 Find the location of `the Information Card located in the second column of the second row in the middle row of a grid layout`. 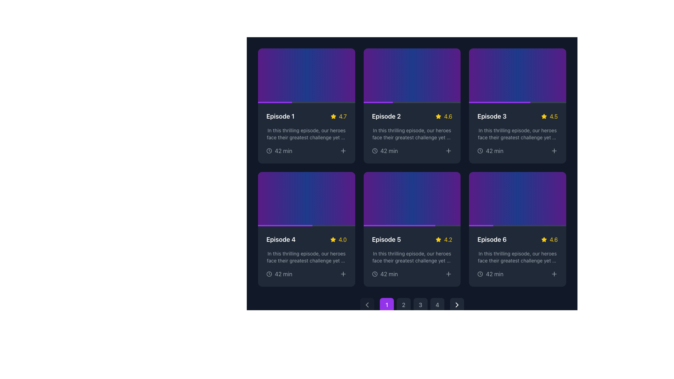

the Information Card located in the second column of the second row in the middle row of a grid layout is located at coordinates (412, 257).